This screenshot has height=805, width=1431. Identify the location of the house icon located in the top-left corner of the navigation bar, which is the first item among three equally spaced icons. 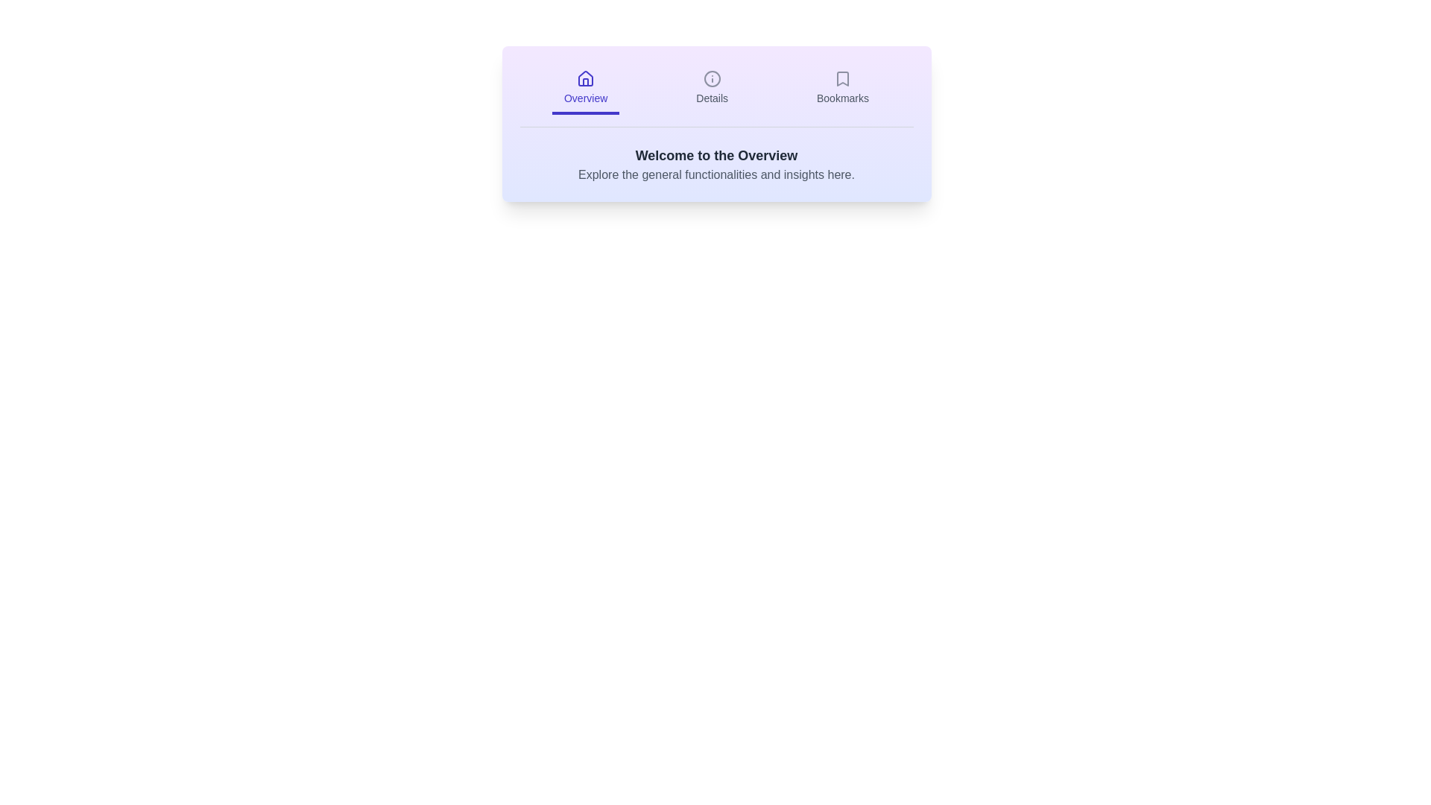
(585, 78).